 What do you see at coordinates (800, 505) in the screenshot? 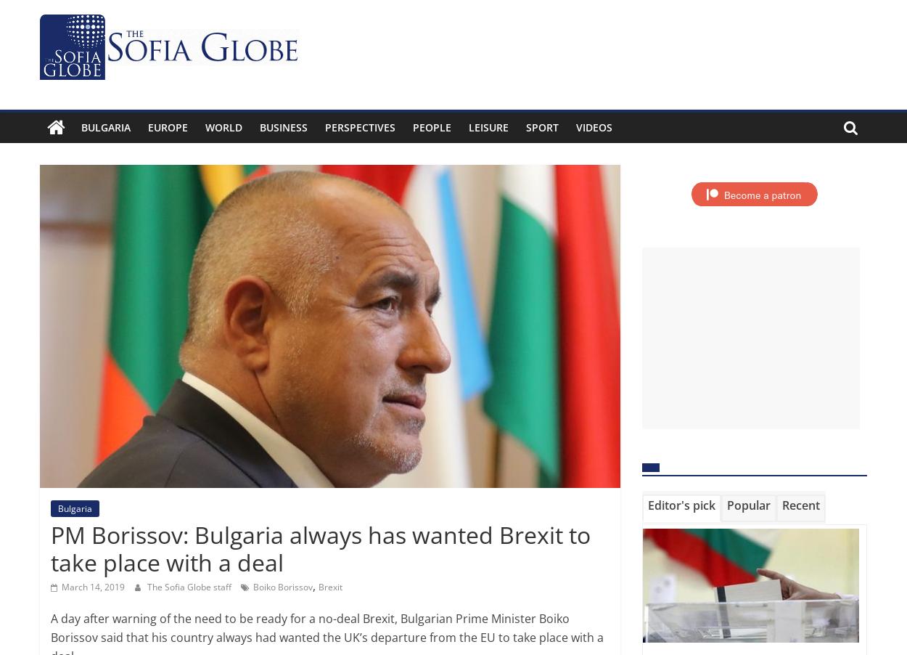
I see `'Recent'` at bounding box center [800, 505].